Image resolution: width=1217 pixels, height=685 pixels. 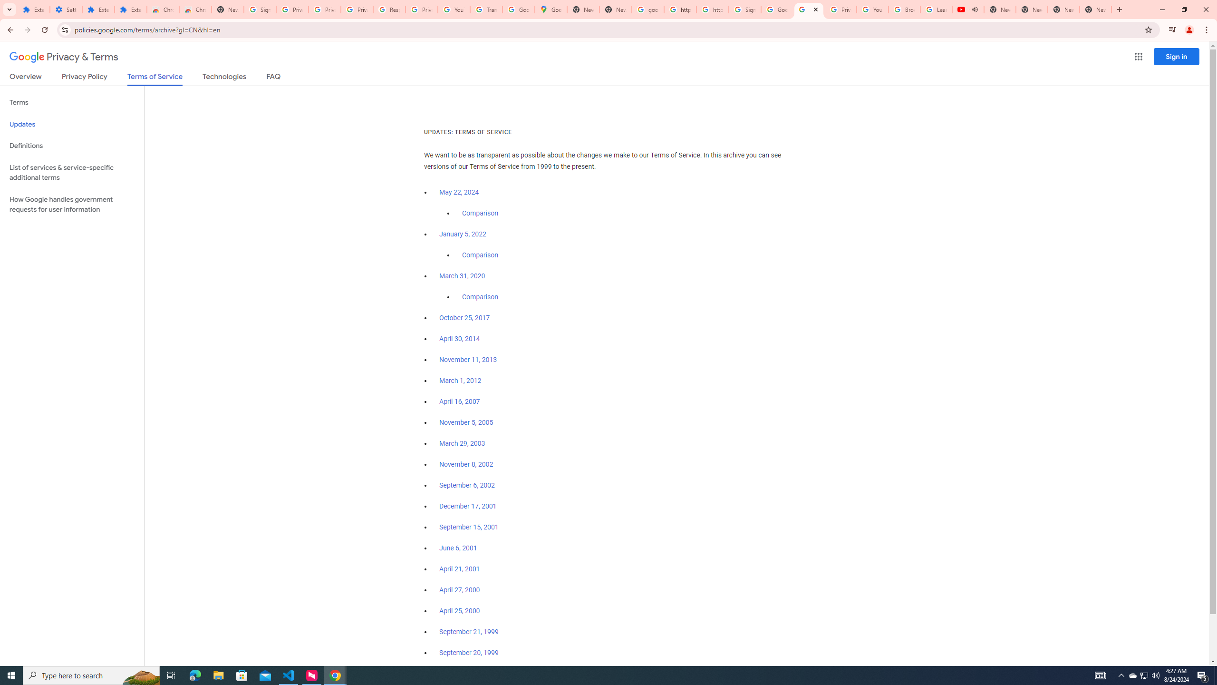 What do you see at coordinates (66, 9) in the screenshot?
I see `'Settings'` at bounding box center [66, 9].